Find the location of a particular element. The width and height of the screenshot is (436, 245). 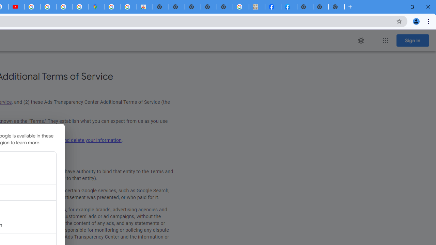

'Send Bug Report' is located at coordinates (360, 40).